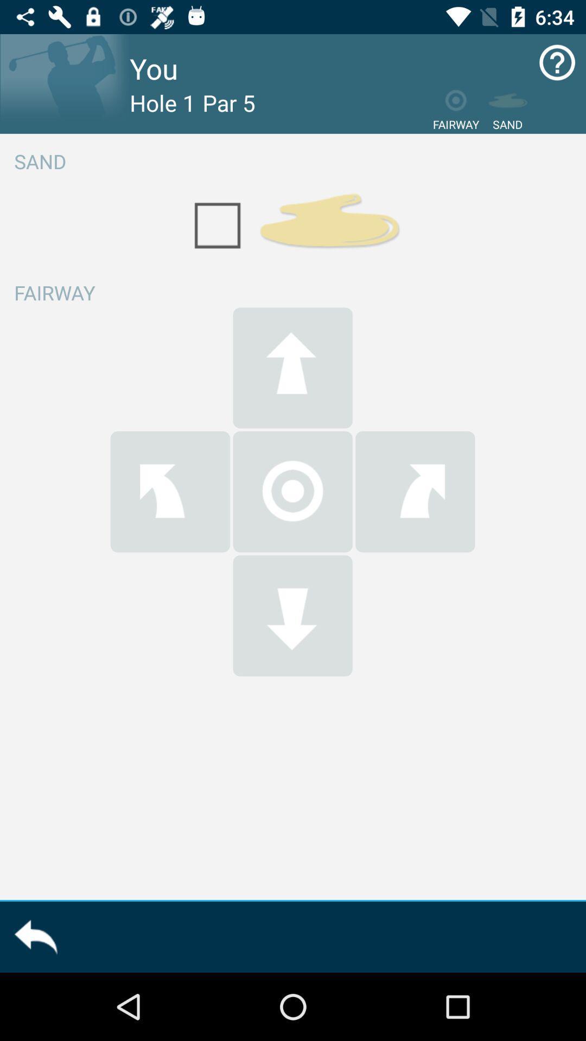 The image size is (586, 1041). Describe the element at coordinates (557, 62) in the screenshot. I see `the help icon` at that location.